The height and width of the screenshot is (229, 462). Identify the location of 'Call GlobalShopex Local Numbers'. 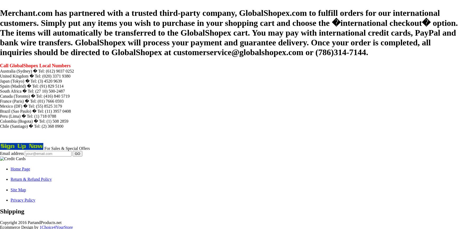
(35, 65).